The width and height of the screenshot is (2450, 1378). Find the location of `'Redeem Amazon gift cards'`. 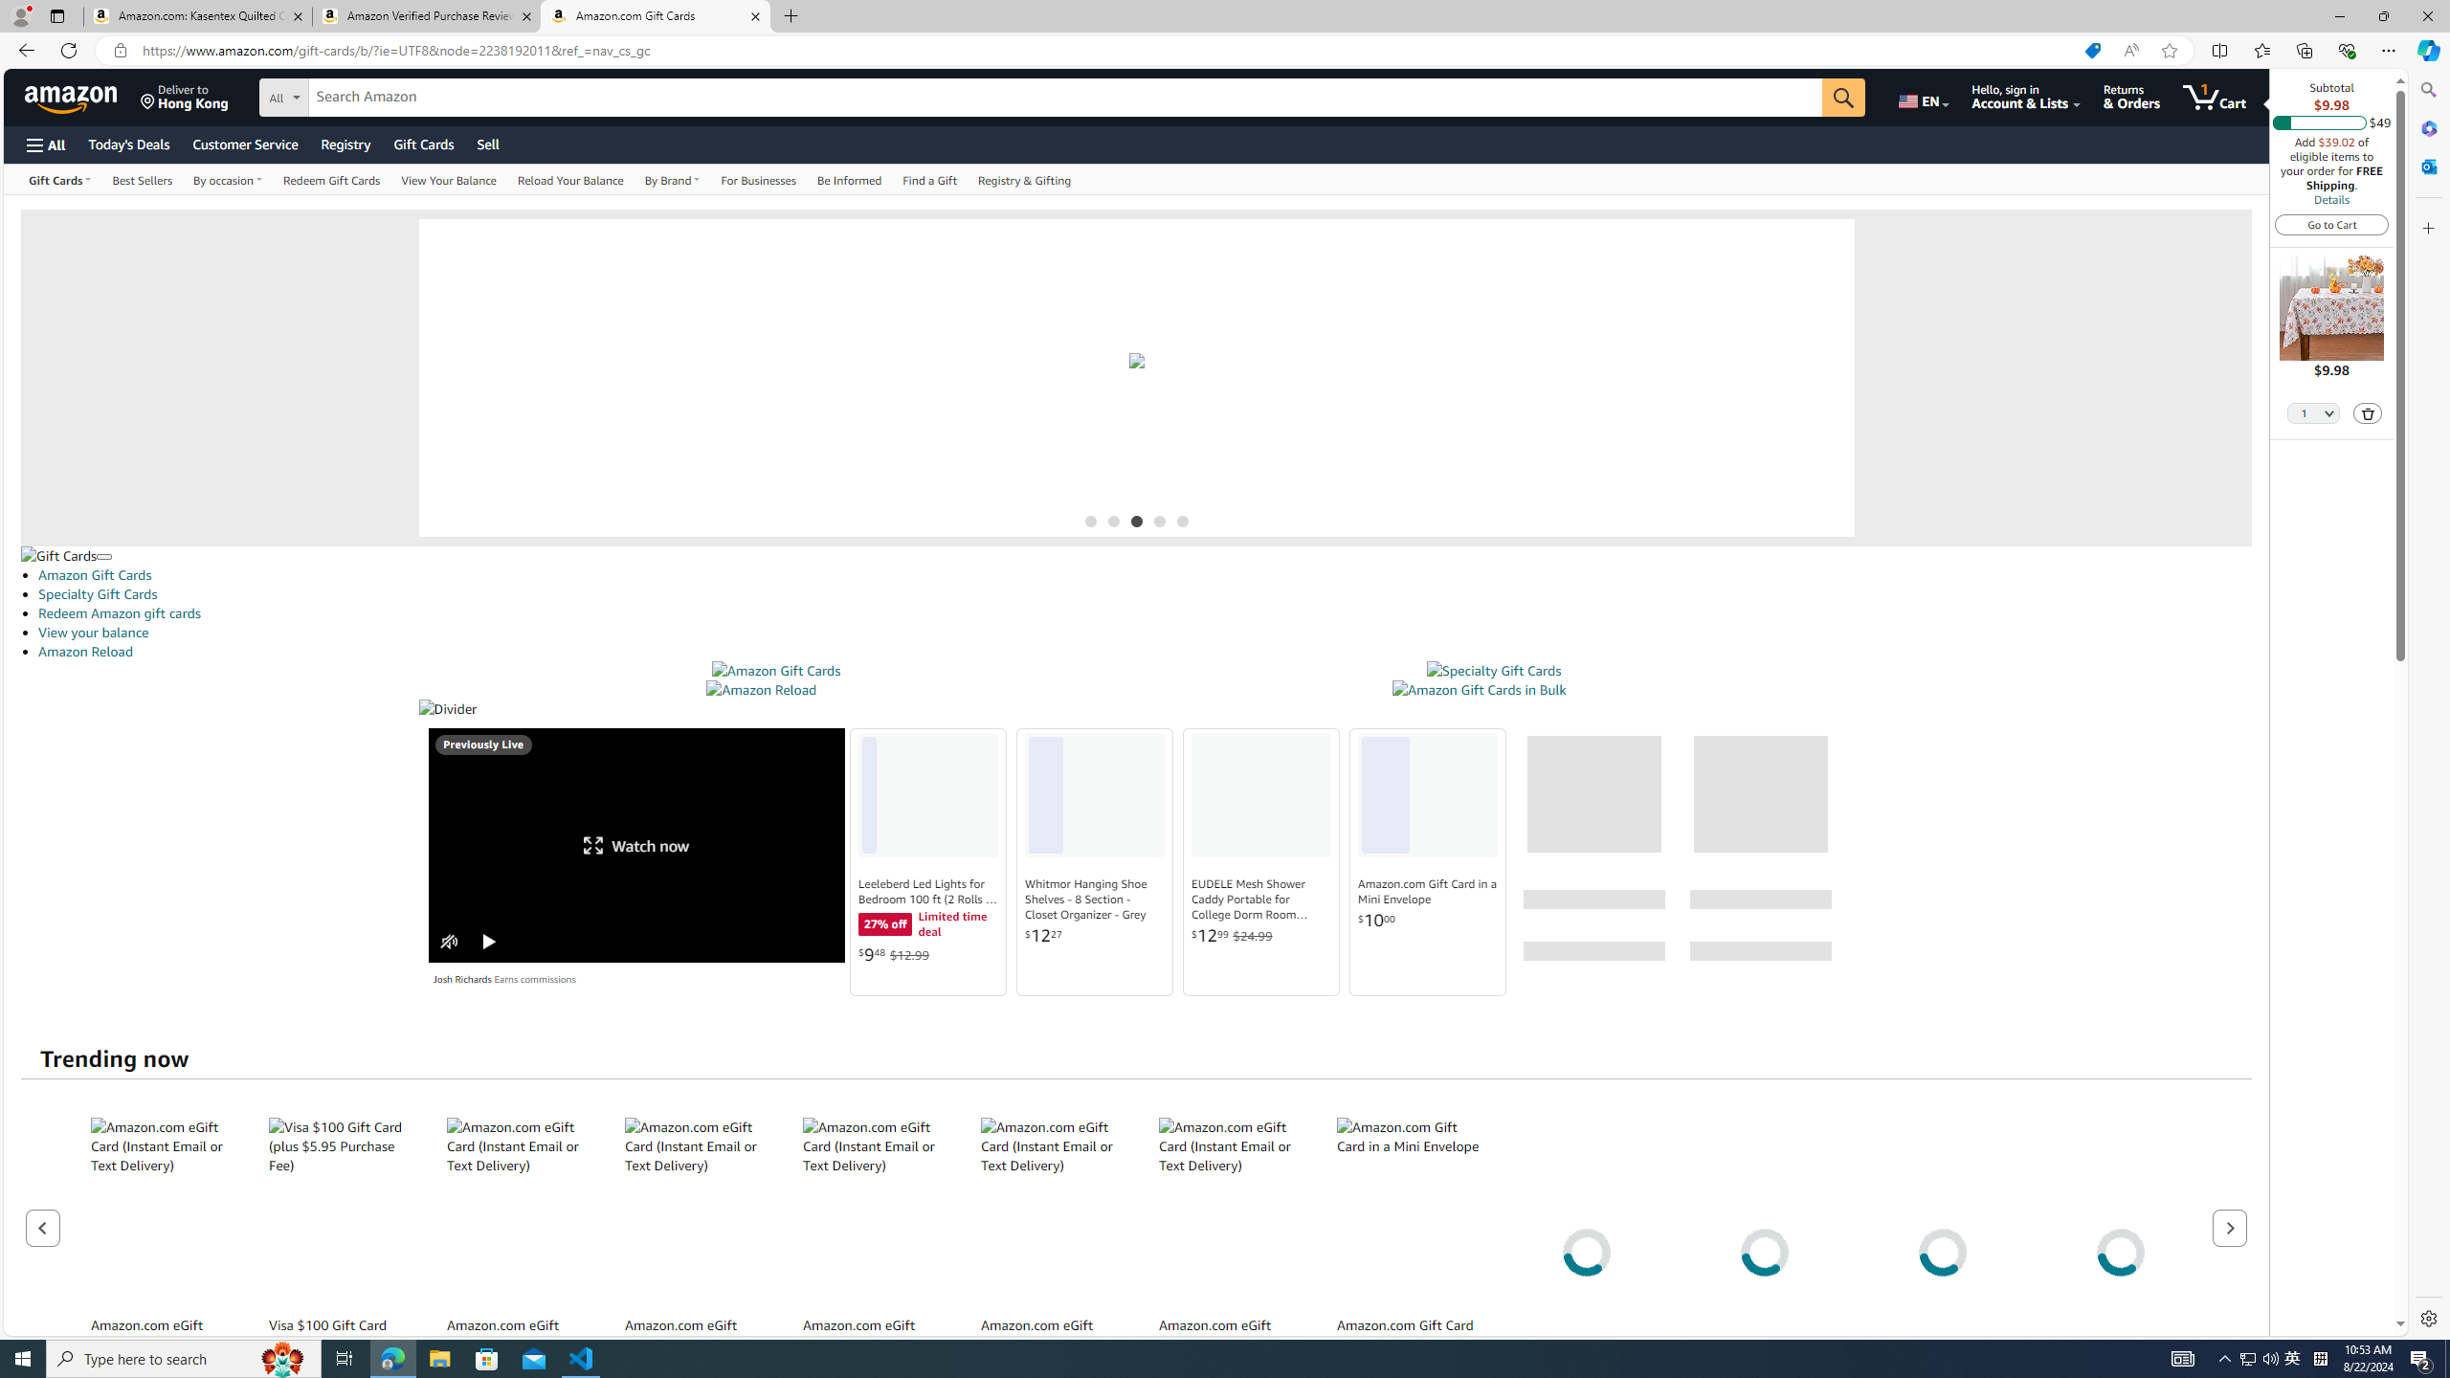

'Redeem Amazon gift cards' is located at coordinates (120, 611).